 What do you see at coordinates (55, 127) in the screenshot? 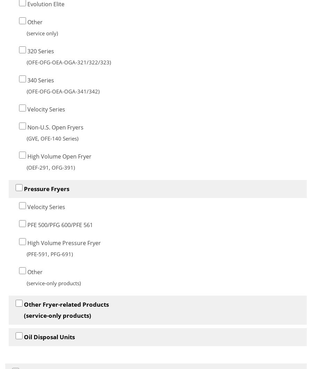
I see `'Non-U.S. Open Fryers'` at bounding box center [55, 127].